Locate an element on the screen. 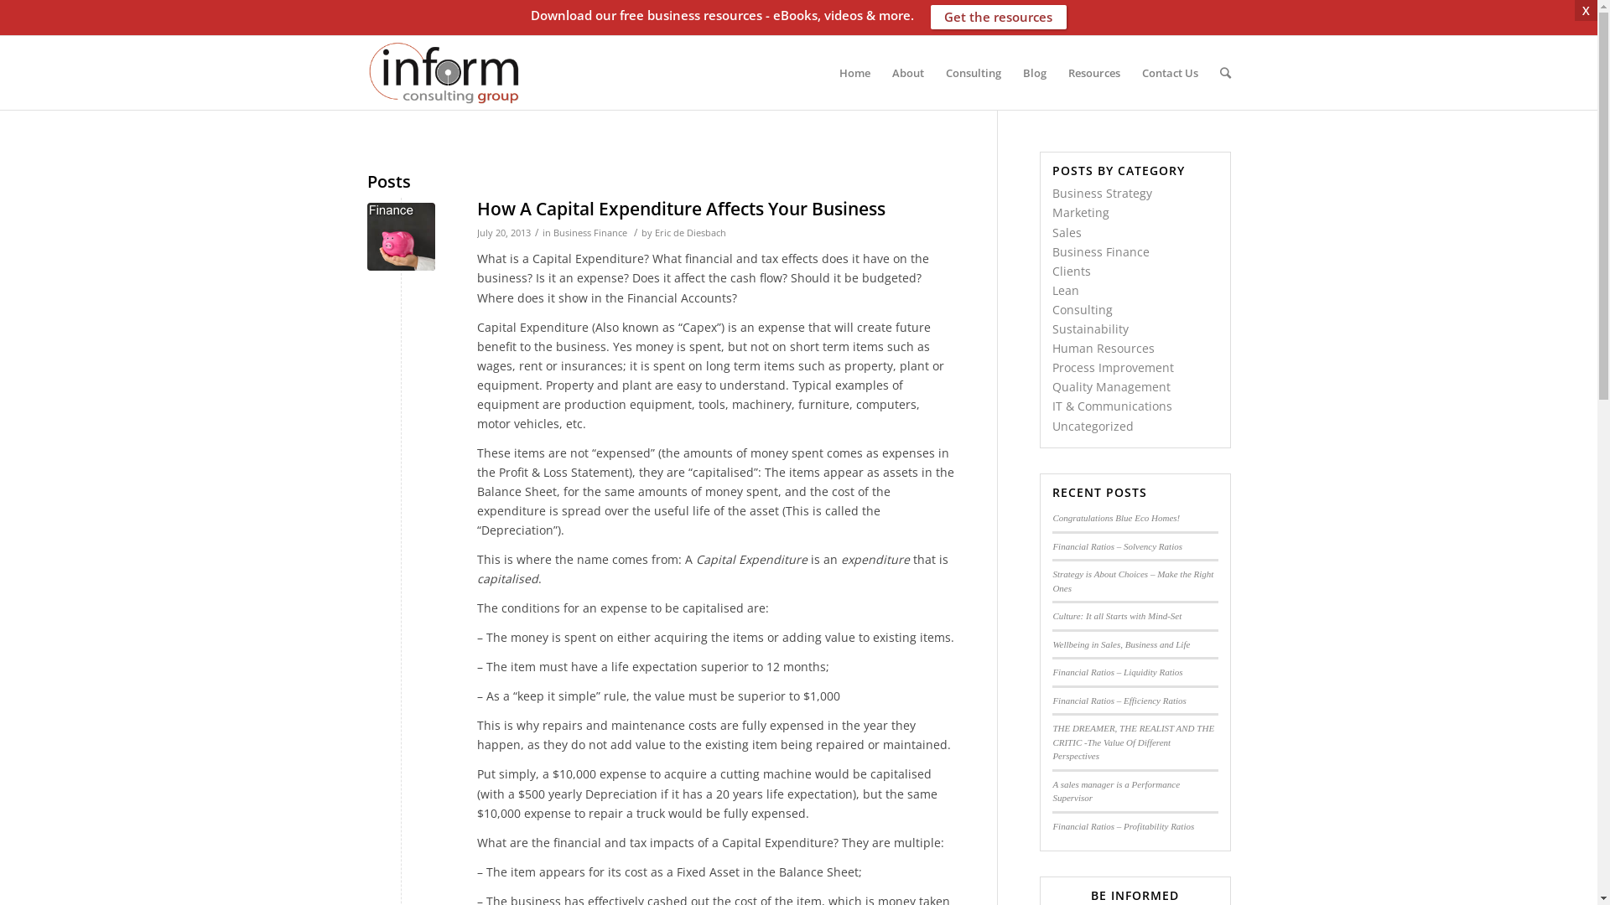 This screenshot has height=905, width=1610. 'Eric de Diesbach' is located at coordinates (689, 232).